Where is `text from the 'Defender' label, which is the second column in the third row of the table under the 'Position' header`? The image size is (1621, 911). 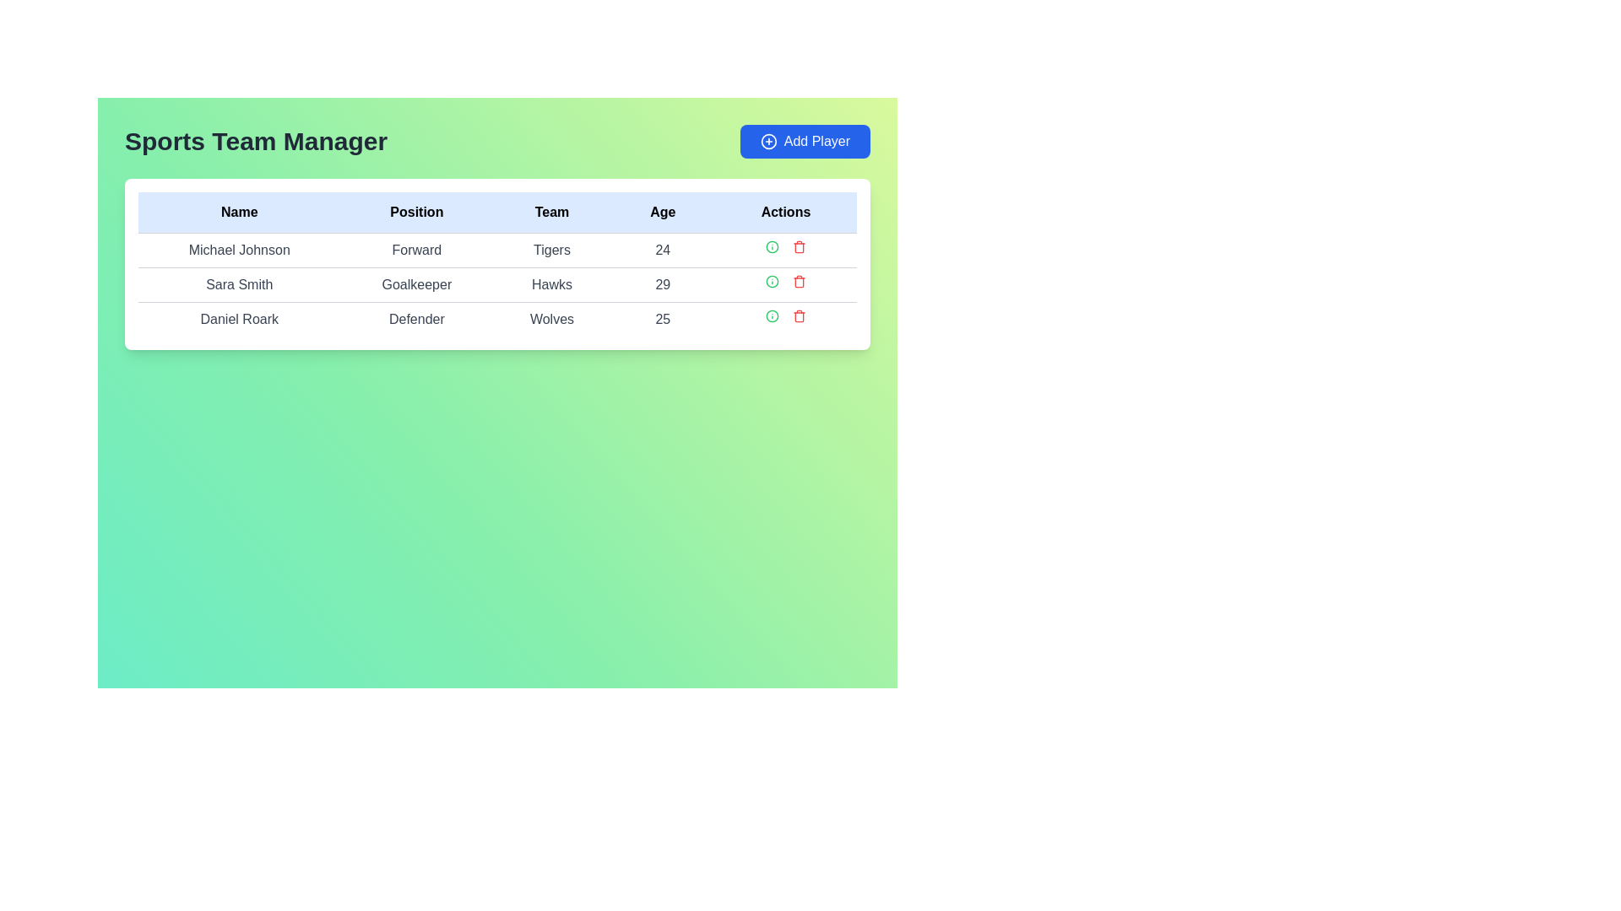 text from the 'Defender' label, which is the second column in the third row of the table under the 'Position' header is located at coordinates (416, 319).